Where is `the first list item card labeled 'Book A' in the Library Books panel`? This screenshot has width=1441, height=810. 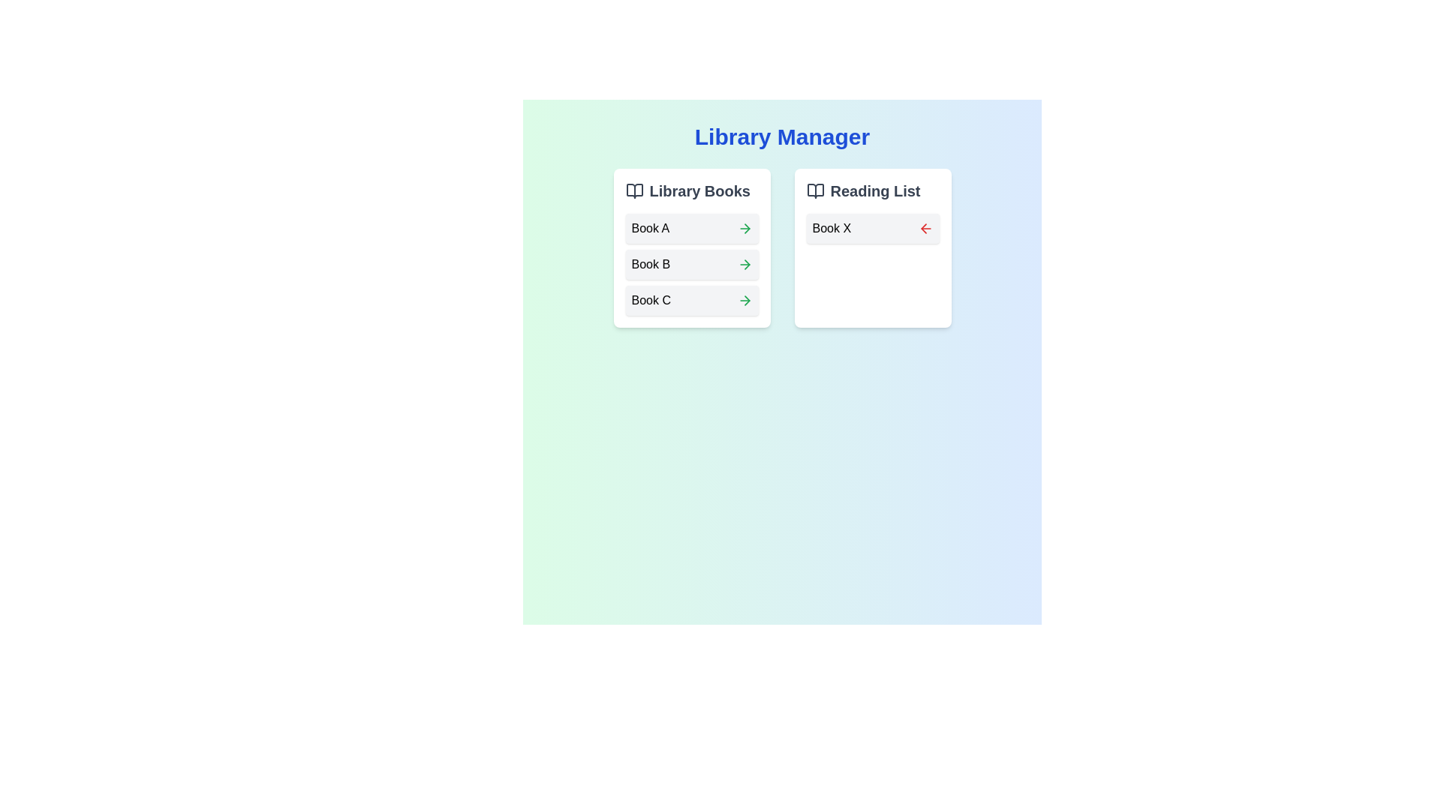 the first list item card labeled 'Book A' in the Library Books panel is located at coordinates (690, 228).